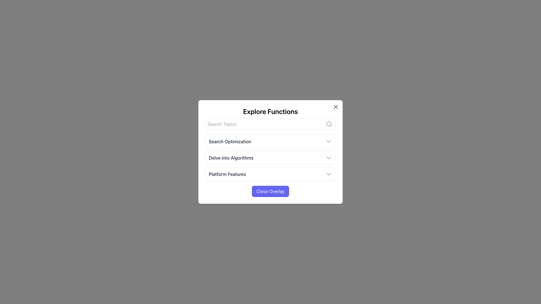  I want to click on the 'Close Overlay' button with a purple background and white text in the modal dialog labeled 'Explore Functions' to change its color, so click(270, 191).